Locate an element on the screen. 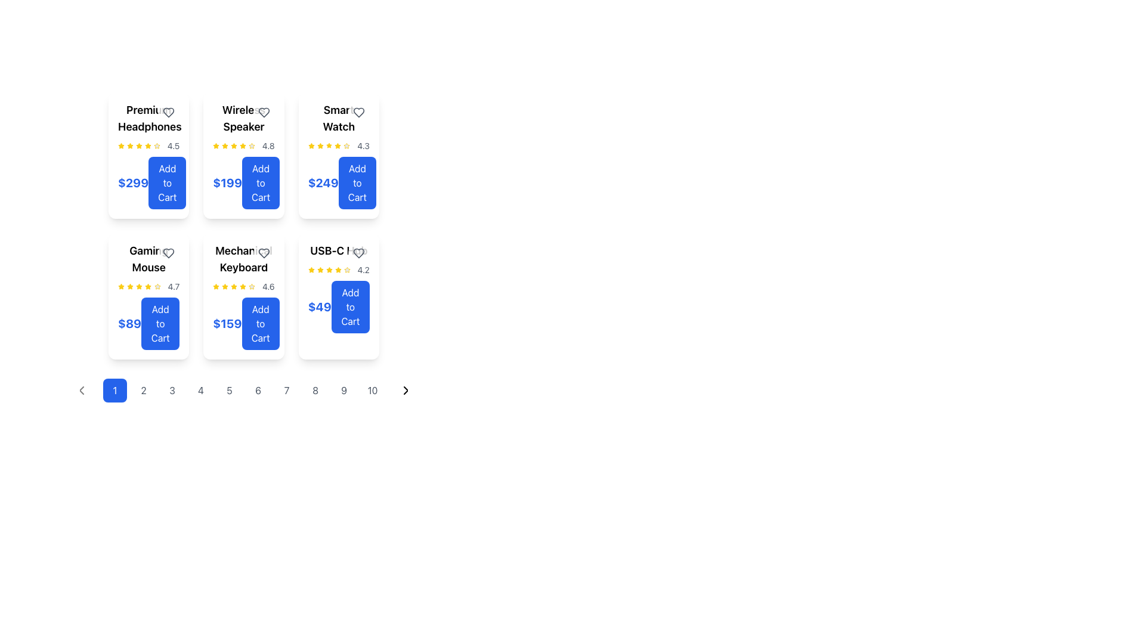 Image resolution: width=1145 pixels, height=644 pixels. the star icon representing one of the rating points for 'Premium Headphones', located in the top-left corner of the product grid is located at coordinates (130, 145).